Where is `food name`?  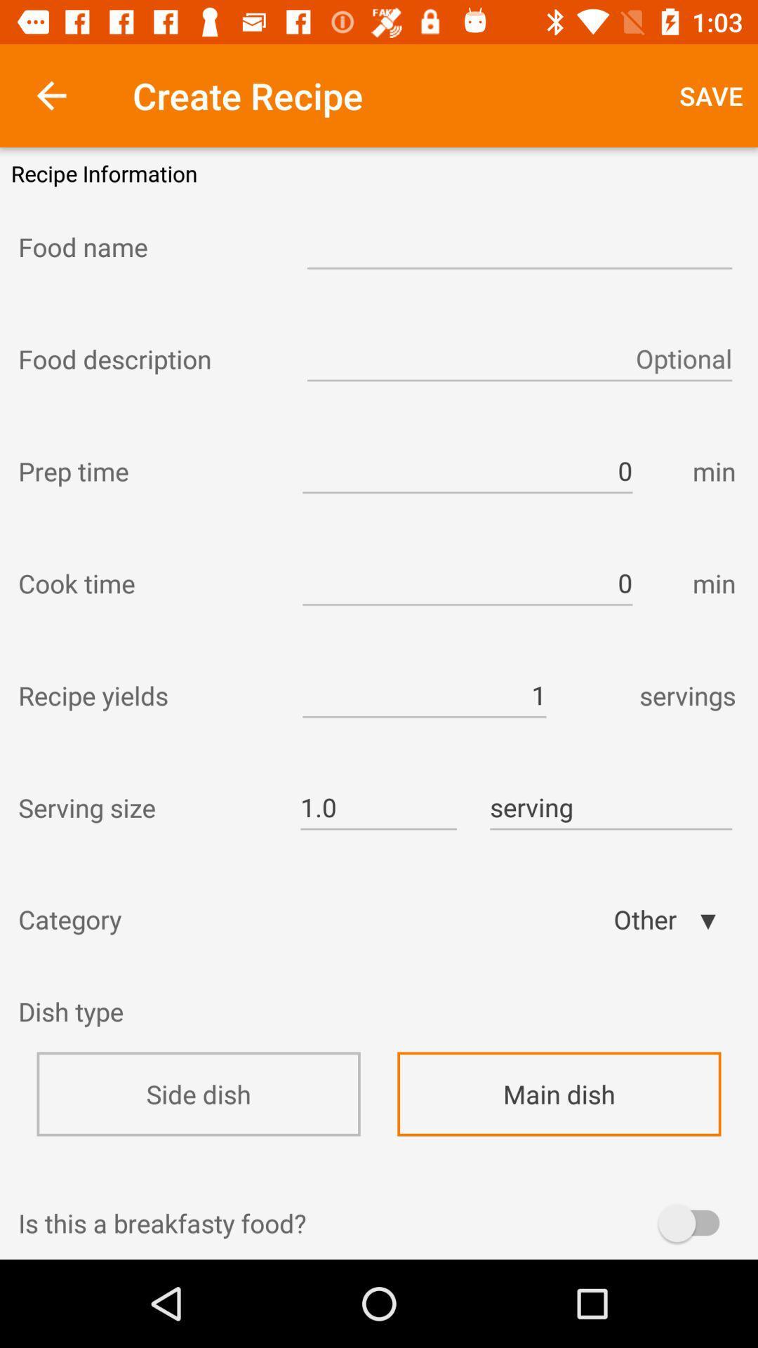
food name is located at coordinates (149, 246).